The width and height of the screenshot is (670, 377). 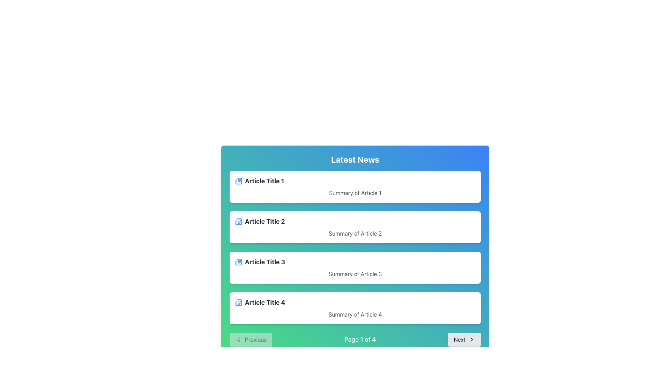 What do you see at coordinates (265, 222) in the screenshot?
I see `the headline text label for the second article in the news section, which is positioned next to a blue newspaper icon in the second card of 'Latest News'` at bounding box center [265, 222].